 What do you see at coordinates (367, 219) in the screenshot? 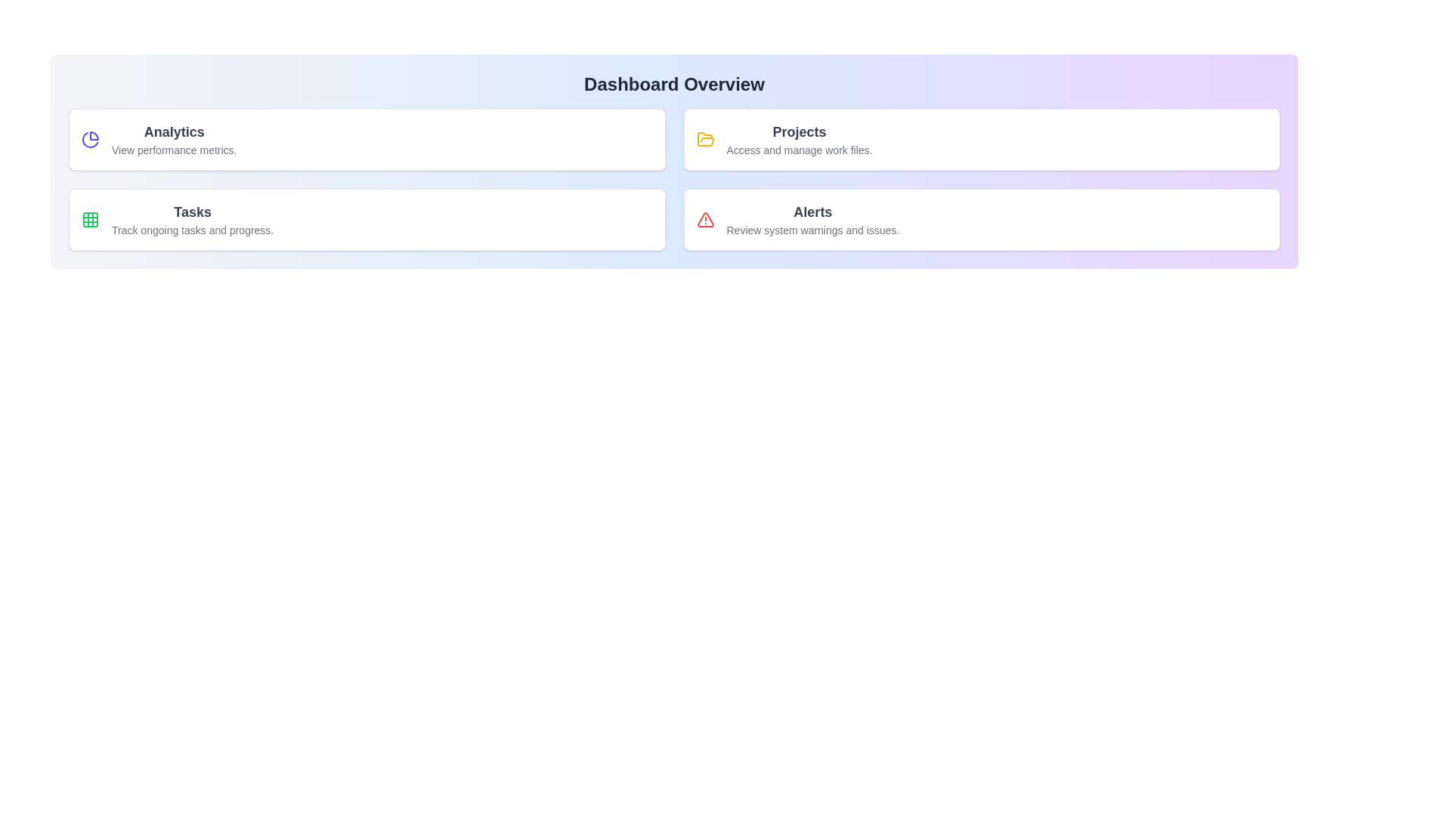
I see `the menu item corresponding to Tasks to navigate to the respective section` at bounding box center [367, 219].